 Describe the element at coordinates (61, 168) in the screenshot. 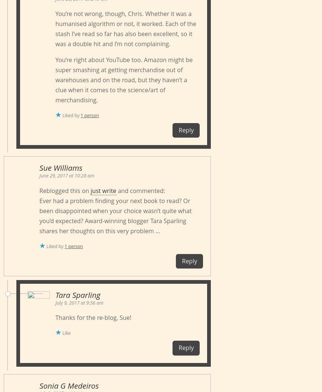

I see `'Sue Williams'` at that location.